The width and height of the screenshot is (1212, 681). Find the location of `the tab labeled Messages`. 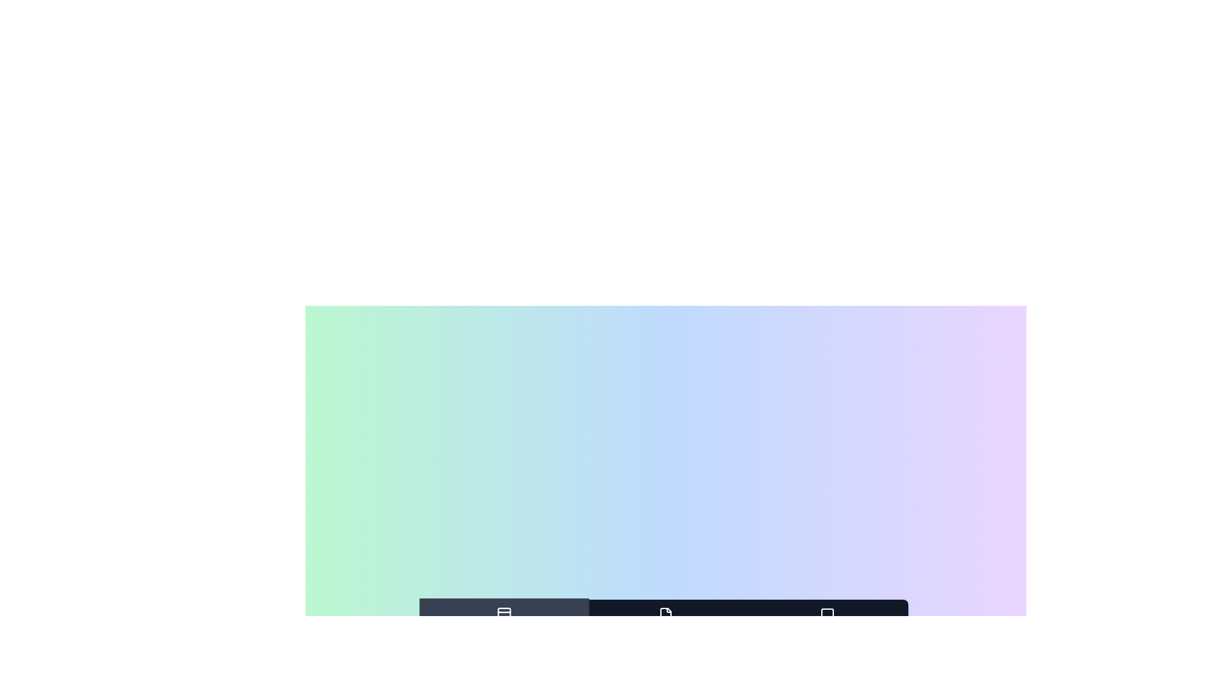

the tab labeled Messages is located at coordinates (827, 622).